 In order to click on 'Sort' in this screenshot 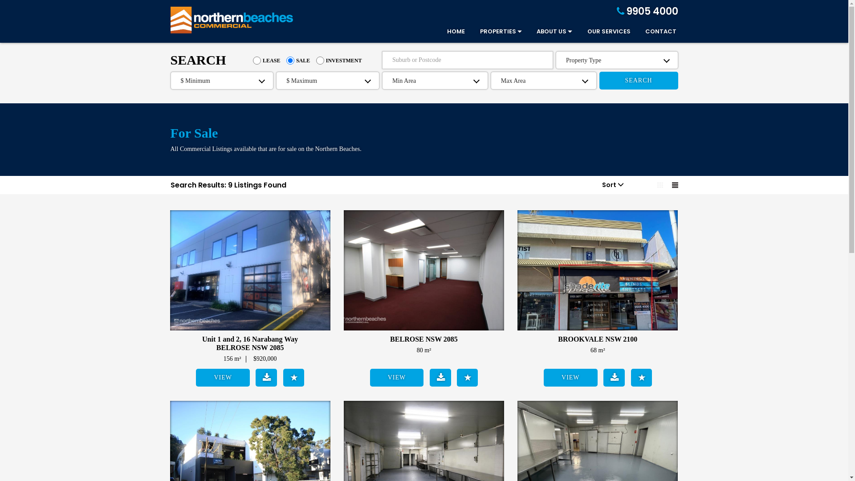, I will do `click(612, 184)`.